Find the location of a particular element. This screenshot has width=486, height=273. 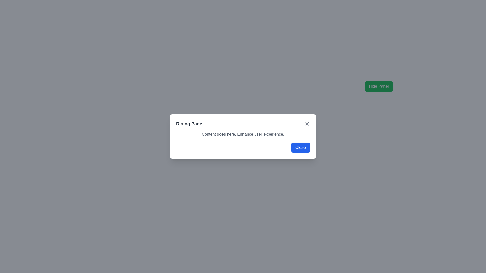

the text display element that shows the message 'Content goes here. Enhance user experience.' located centrally within the dialog panel, positioned between the title 'Dialog Panel' and the 'Close' button is located at coordinates (243, 134).